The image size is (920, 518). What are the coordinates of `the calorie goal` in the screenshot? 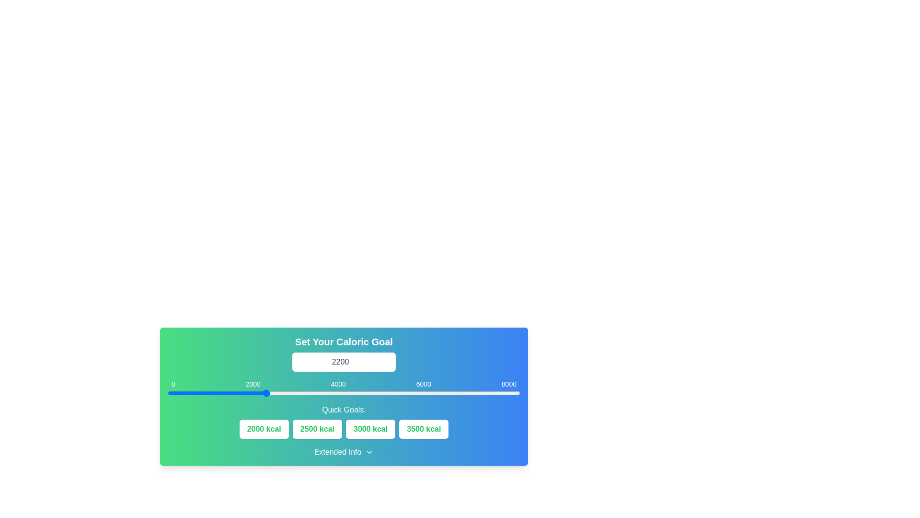 It's located at (372, 393).